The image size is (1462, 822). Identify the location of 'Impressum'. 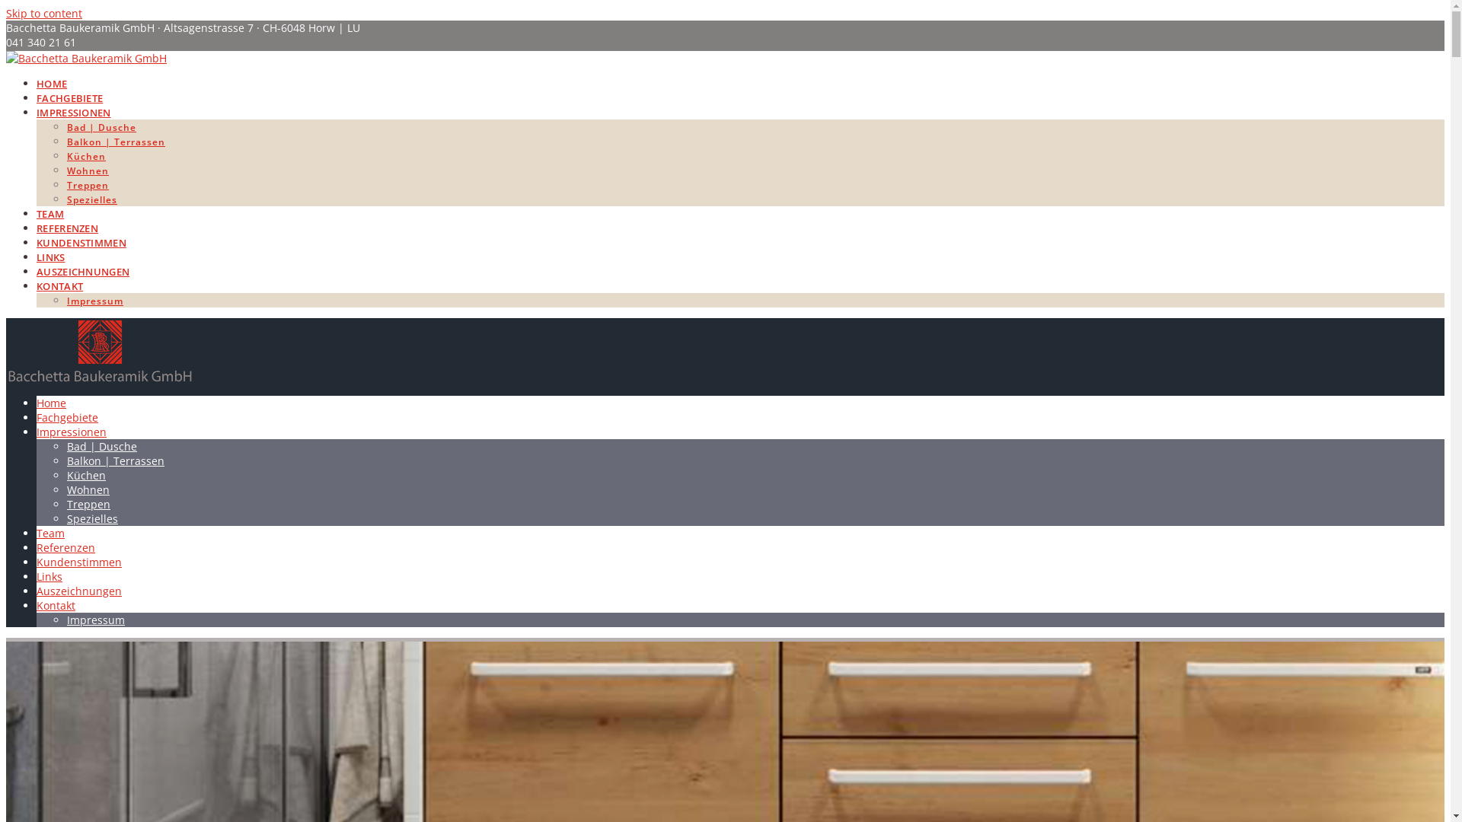
(94, 301).